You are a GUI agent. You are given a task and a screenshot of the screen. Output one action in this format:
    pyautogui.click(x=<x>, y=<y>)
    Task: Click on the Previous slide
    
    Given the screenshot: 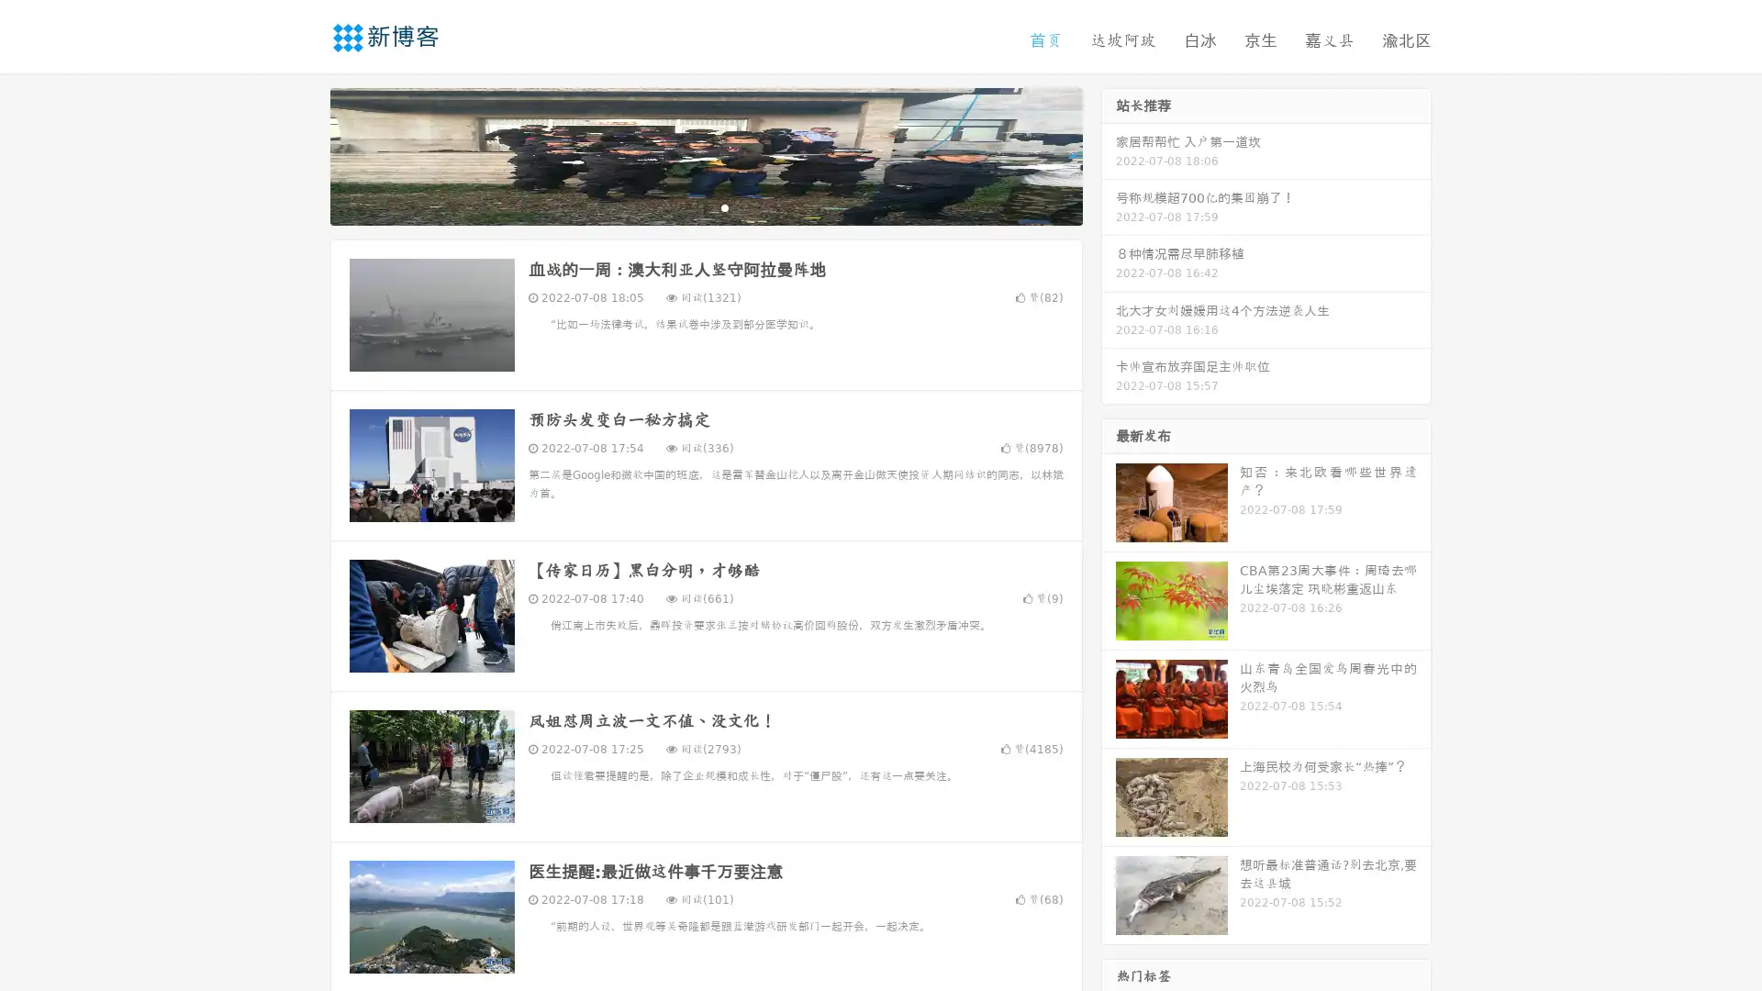 What is the action you would take?
    pyautogui.click(x=303, y=154)
    